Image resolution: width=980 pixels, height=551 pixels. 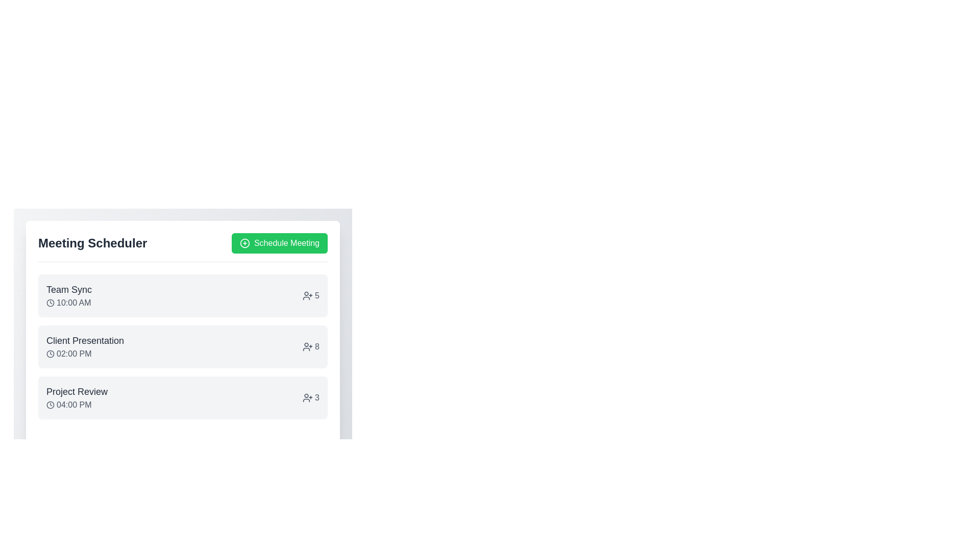 I want to click on the clock icon indicating the time aspect of the 'Project Review' event, located between the event description and '04:00 PM', so click(x=50, y=405).